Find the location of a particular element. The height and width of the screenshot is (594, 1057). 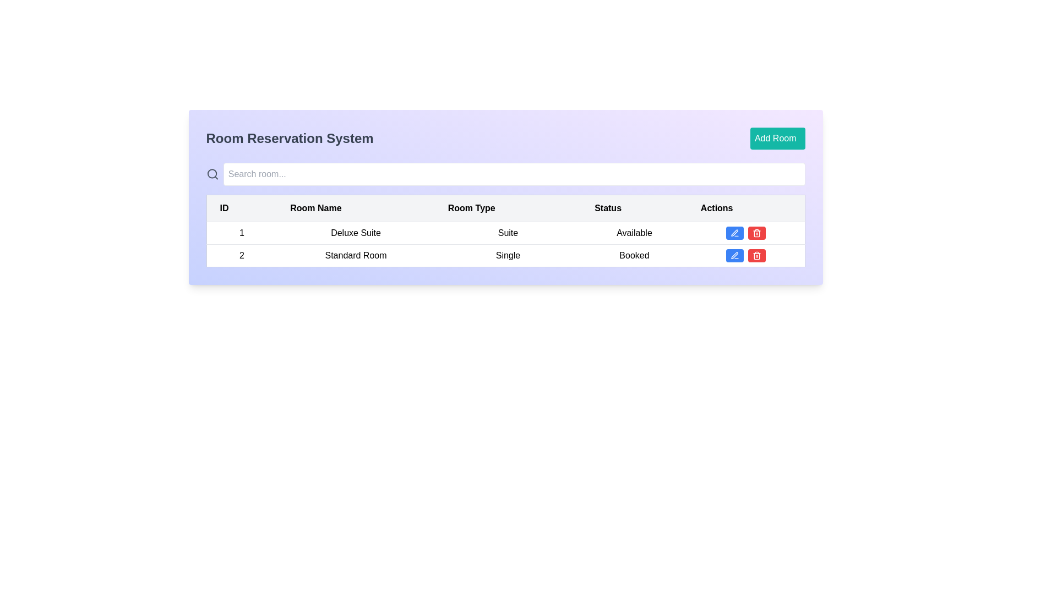

the pen icon, which is the first action button in the 'Actions' column of the second row in the table is located at coordinates (735, 256).